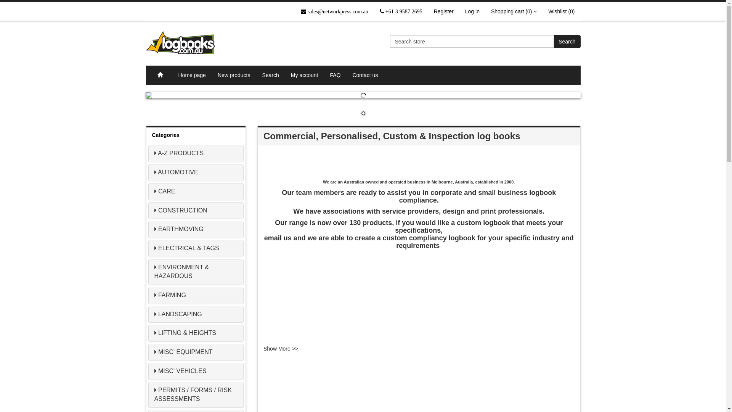 Image resolution: width=732 pixels, height=412 pixels. What do you see at coordinates (180, 153) in the screenshot?
I see `'A-Z PRODUCTS'` at bounding box center [180, 153].